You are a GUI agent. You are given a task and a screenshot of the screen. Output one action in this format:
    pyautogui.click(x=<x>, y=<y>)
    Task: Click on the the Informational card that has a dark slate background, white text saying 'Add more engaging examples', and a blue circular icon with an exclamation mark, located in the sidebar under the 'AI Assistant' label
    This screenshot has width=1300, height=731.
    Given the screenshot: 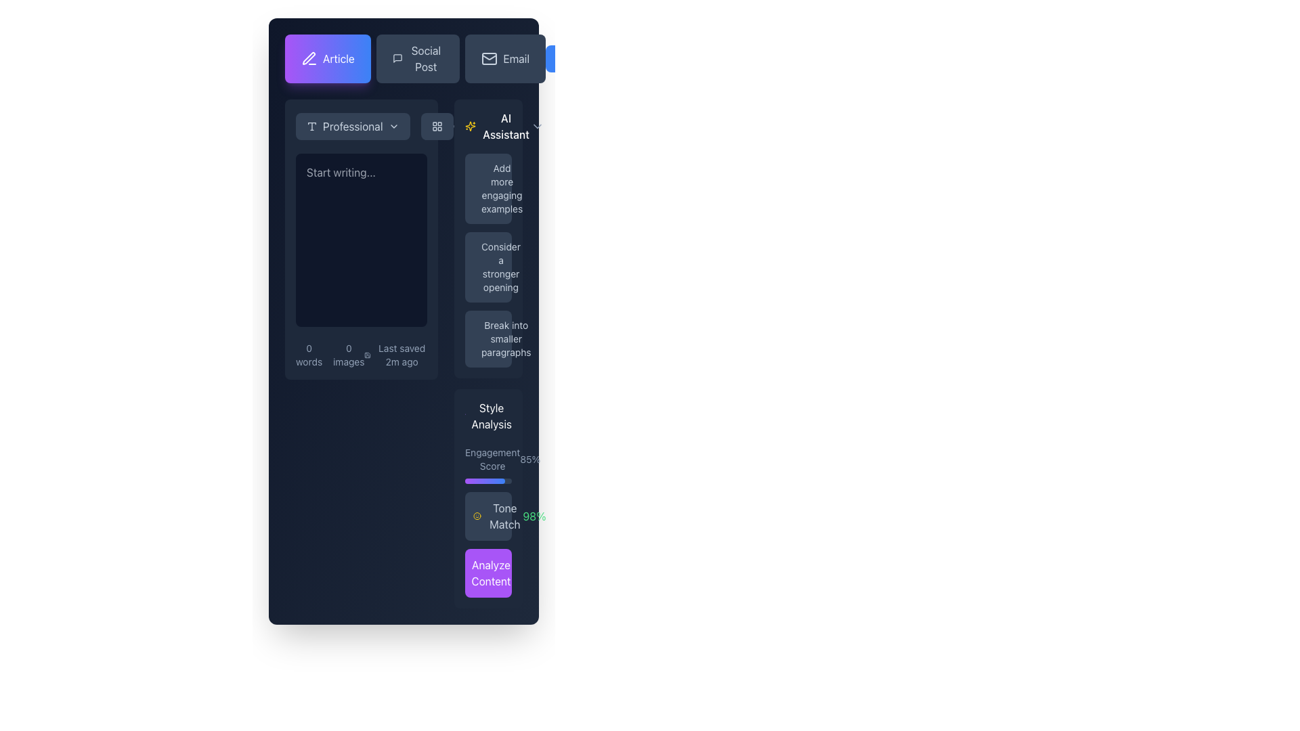 What is the action you would take?
    pyautogui.click(x=487, y=188)
    